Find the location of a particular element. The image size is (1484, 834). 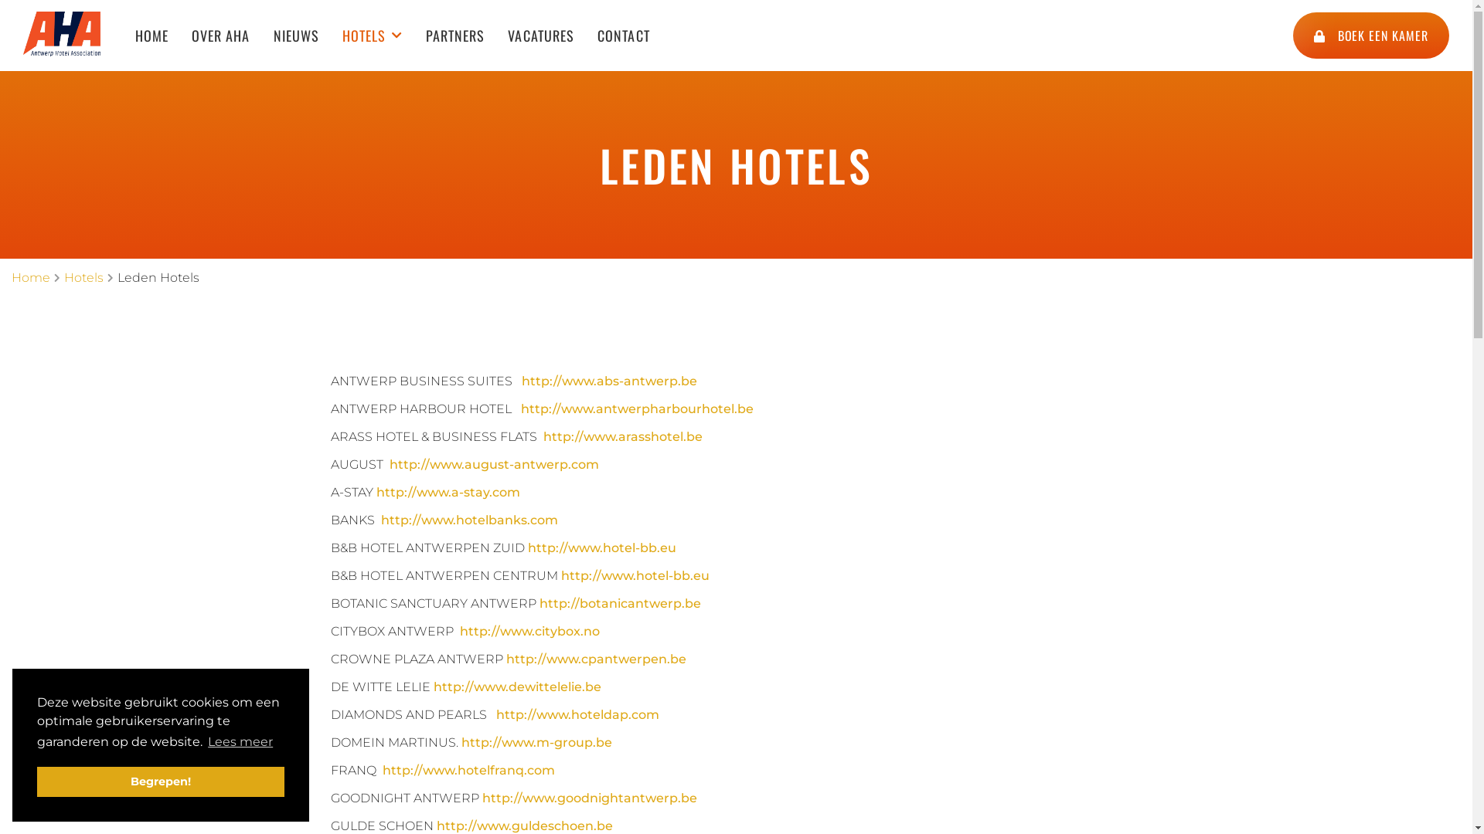

'http://www.m-group.be' is located at coordinates (459, 741).